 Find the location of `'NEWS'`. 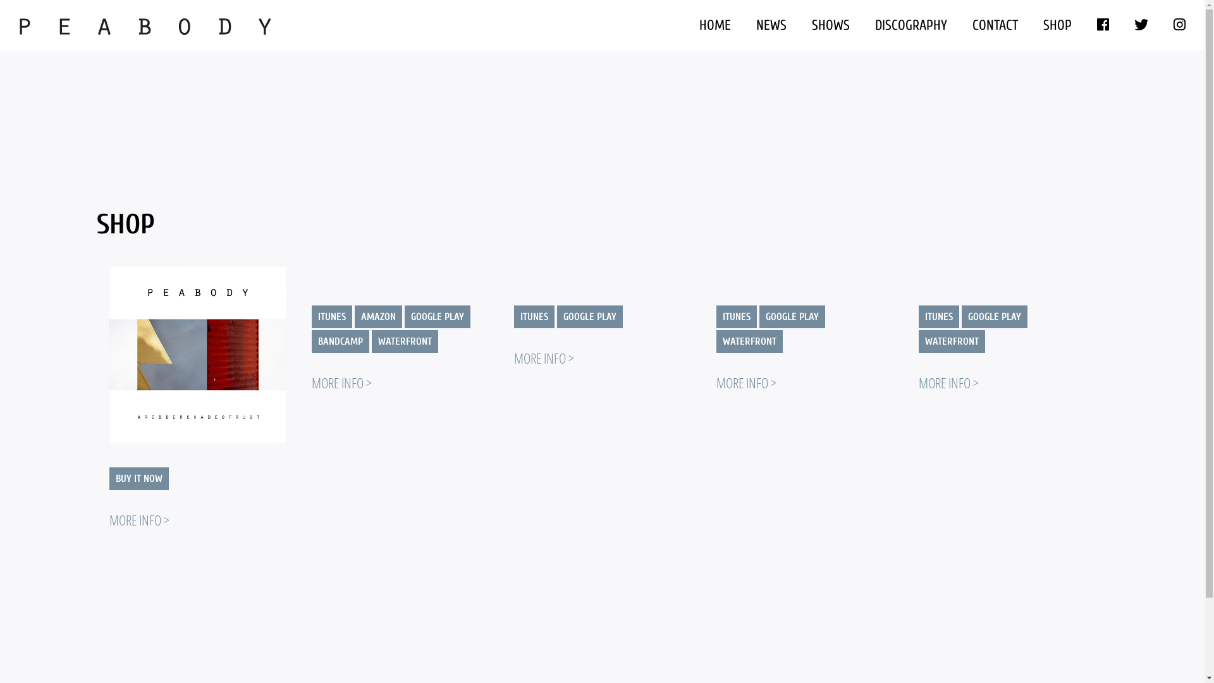

'NEWS' is located at coordinates (770, 25).